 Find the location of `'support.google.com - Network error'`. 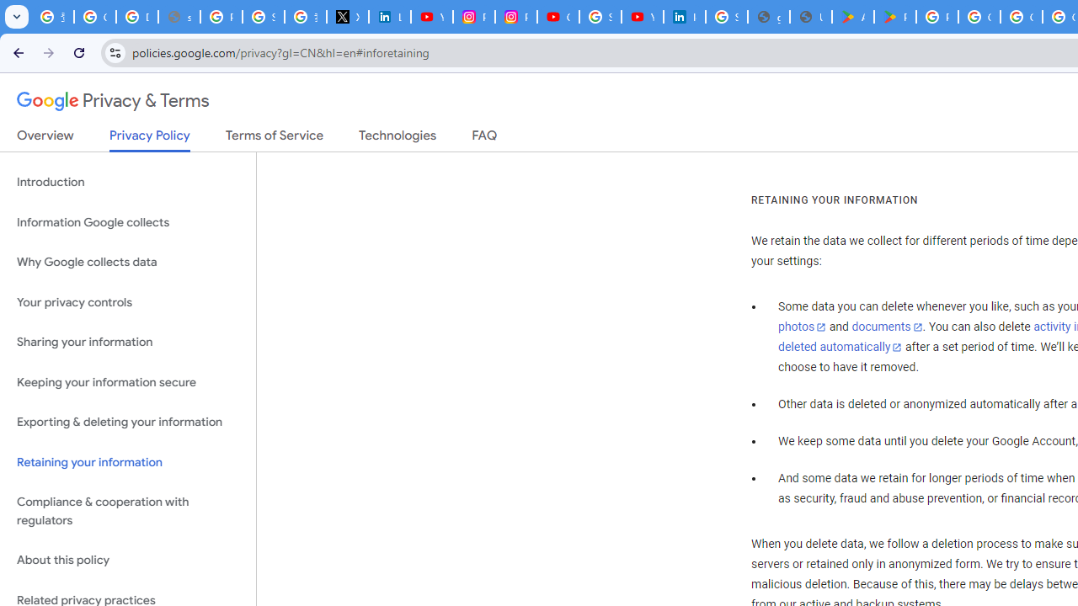

'support.google.com - Network error' is located at coordinates (179, 17).